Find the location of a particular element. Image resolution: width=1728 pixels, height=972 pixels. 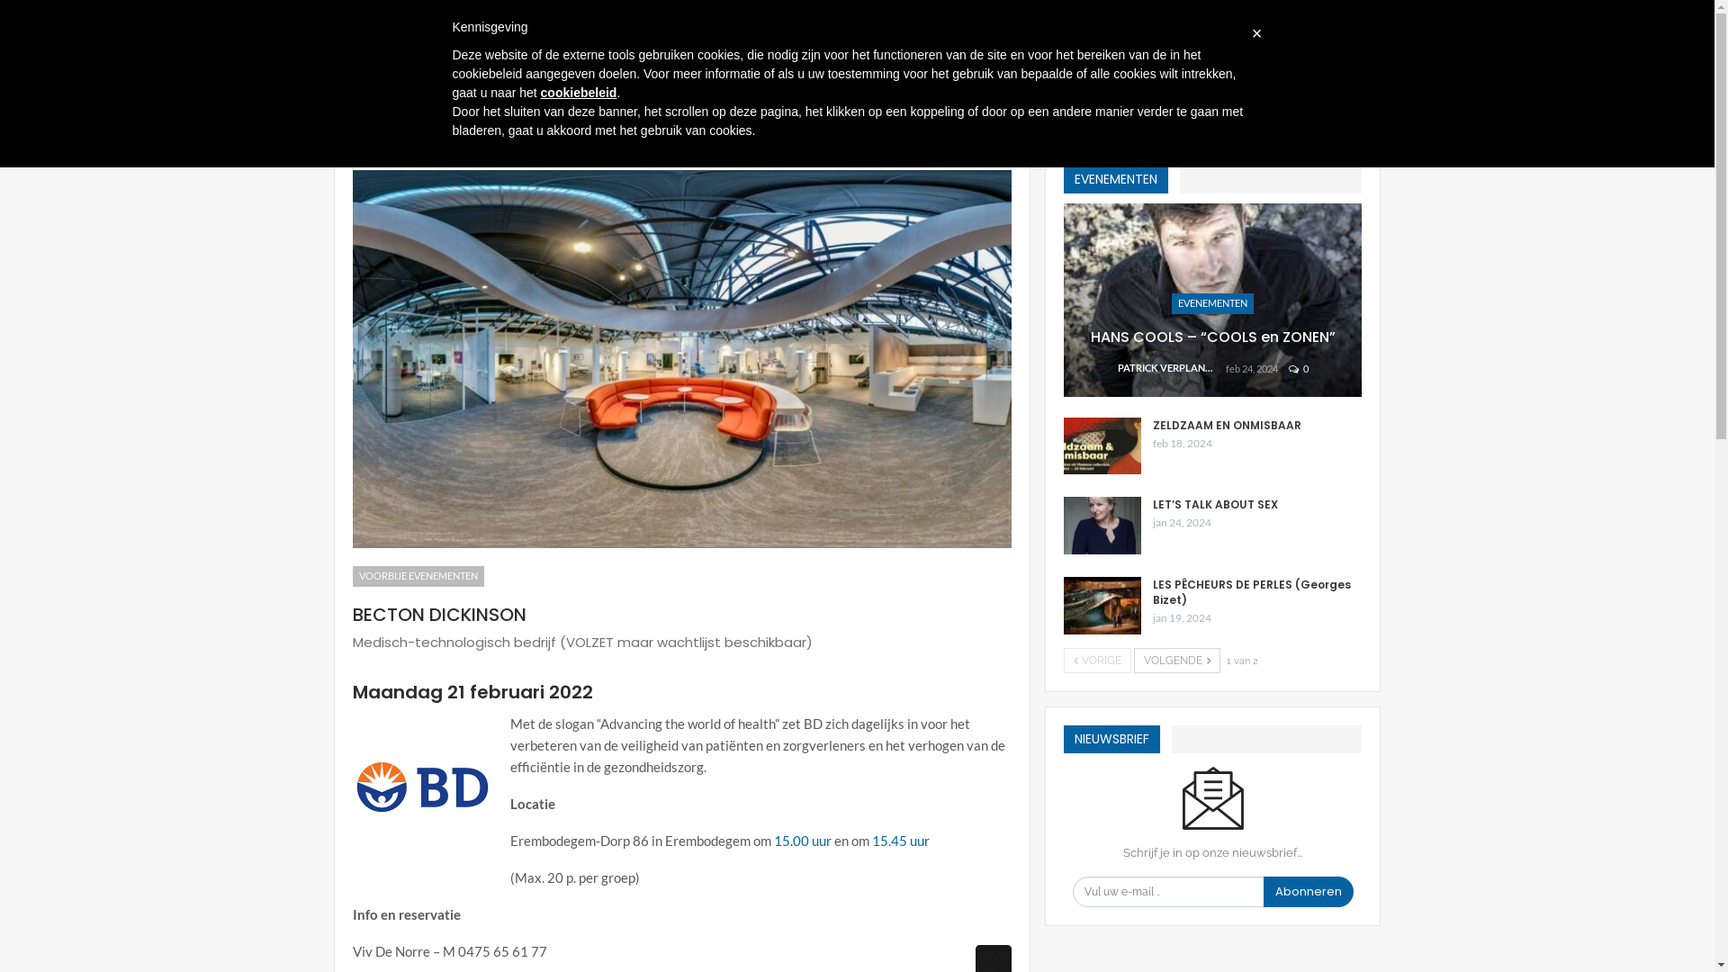

'0' is located at coordinates (1299, 367).